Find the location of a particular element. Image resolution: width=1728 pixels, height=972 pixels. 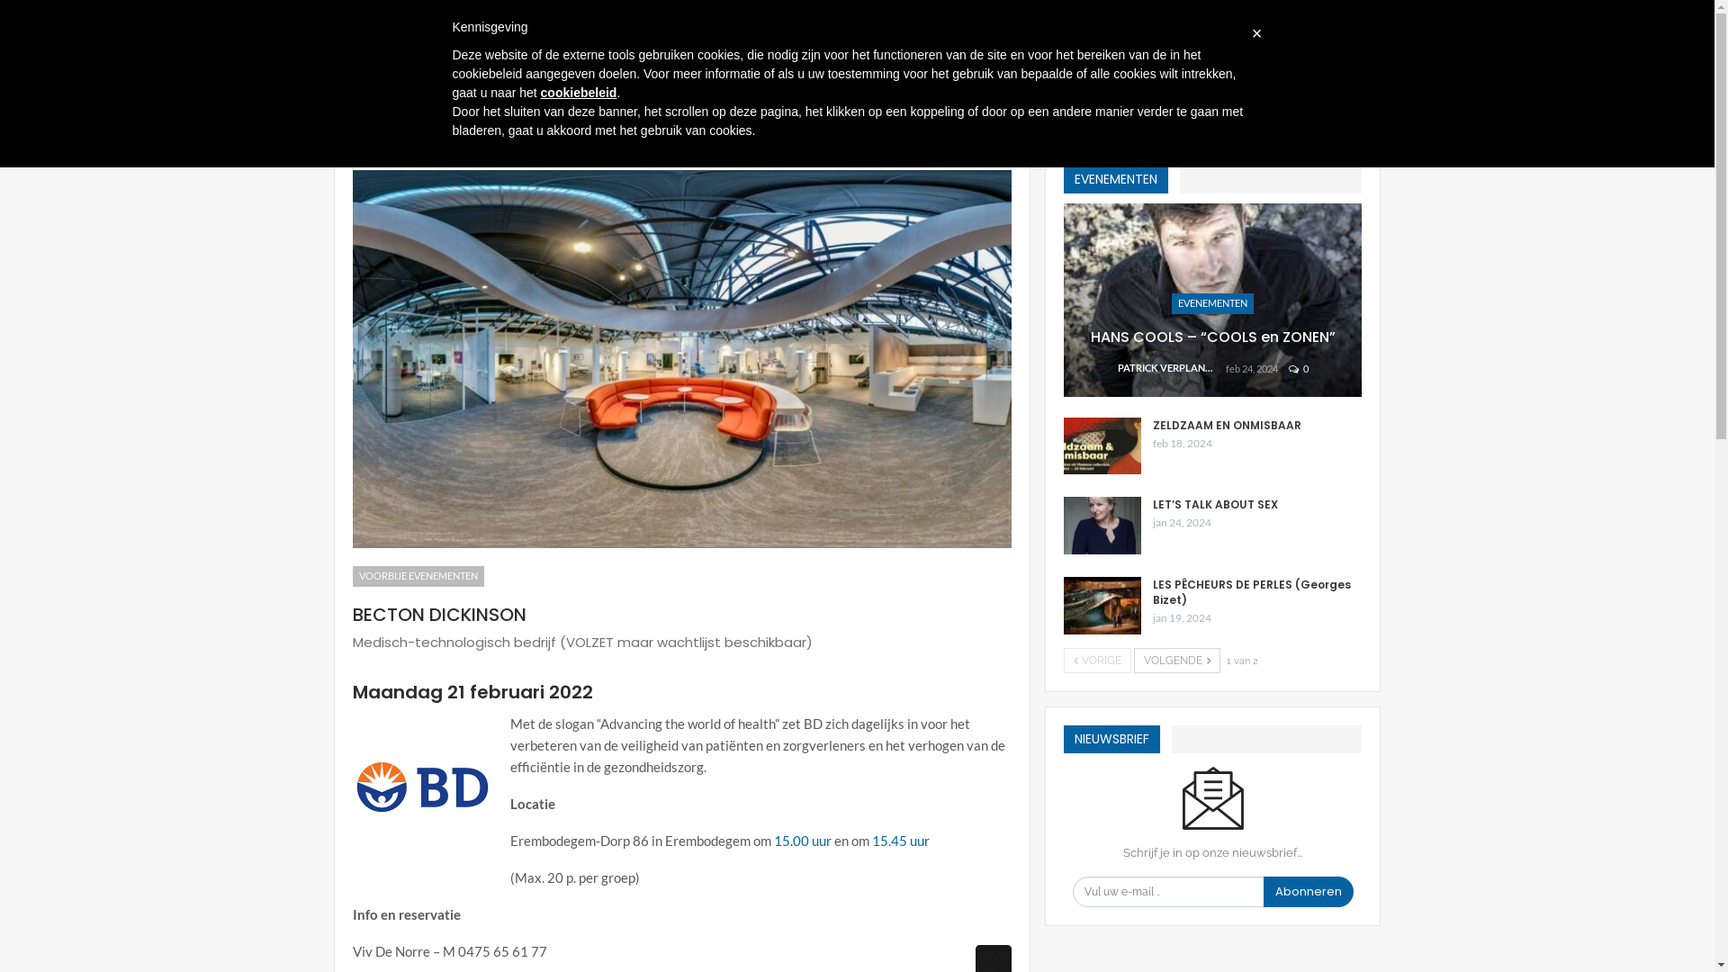

'0' is located at coordinates (1299, 367).